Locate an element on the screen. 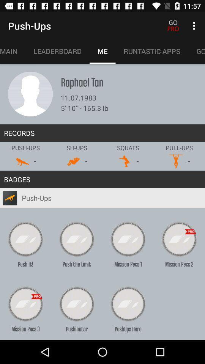 Image resolution: width=205 pixels, height=364 pixels. main icon is located at coordinates (12, 51).